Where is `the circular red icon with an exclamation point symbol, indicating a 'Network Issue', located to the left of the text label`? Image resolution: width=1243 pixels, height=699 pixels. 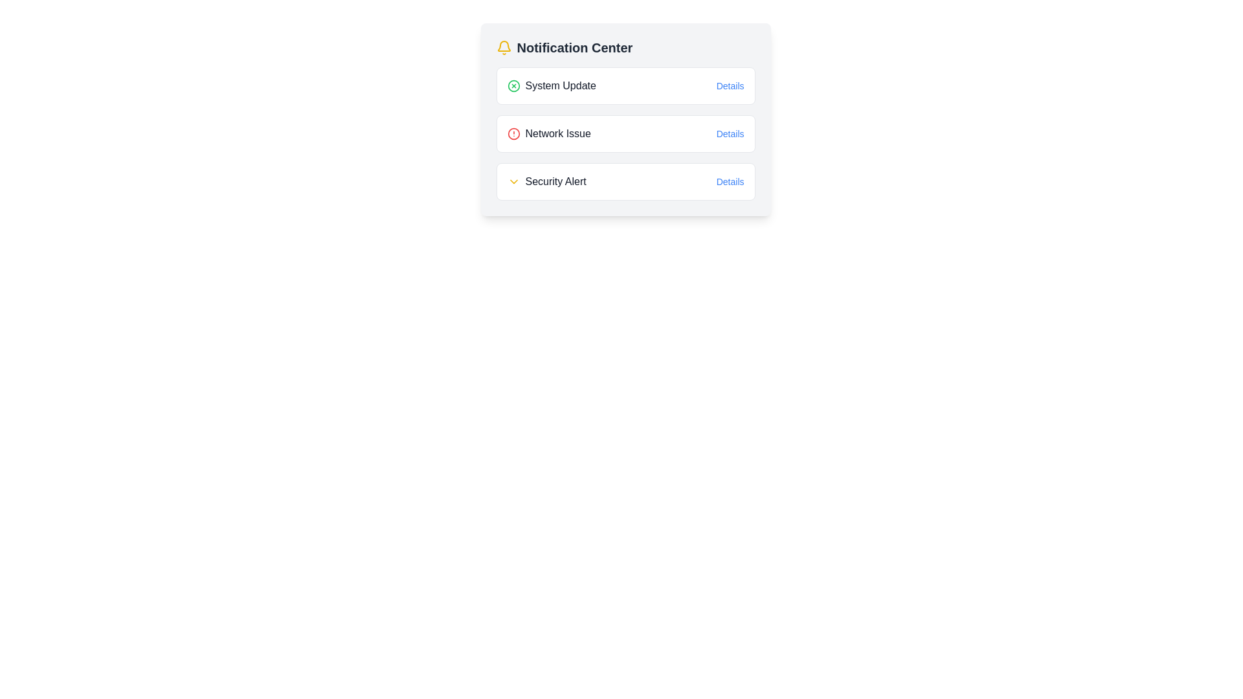
the circular red icon with an exclamation point symbol, indicating a 'Network Issue', located to the left of the text label is located at coordinates (513, 134).